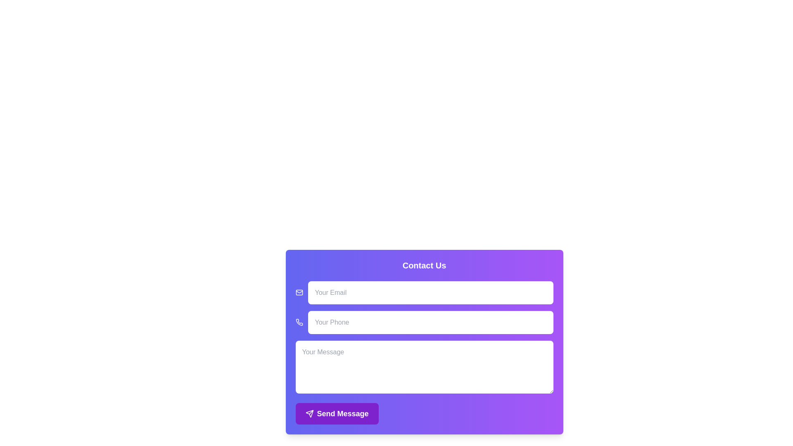 The image size is (793, 446). I want to click on the phone receiver icon located to the left of the 'Your Phone' text input field in the 'Contact Us' form, so click(299, 322).